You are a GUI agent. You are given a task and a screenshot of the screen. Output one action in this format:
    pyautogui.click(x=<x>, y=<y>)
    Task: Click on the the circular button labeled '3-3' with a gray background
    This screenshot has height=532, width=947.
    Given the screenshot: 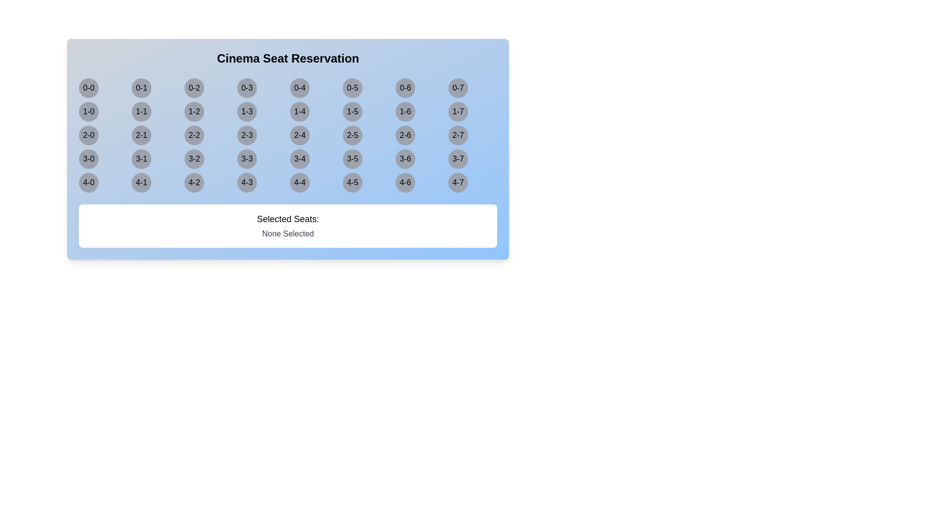 What is the action you would take?
    pyautogui.click(x=247, y=159)
    